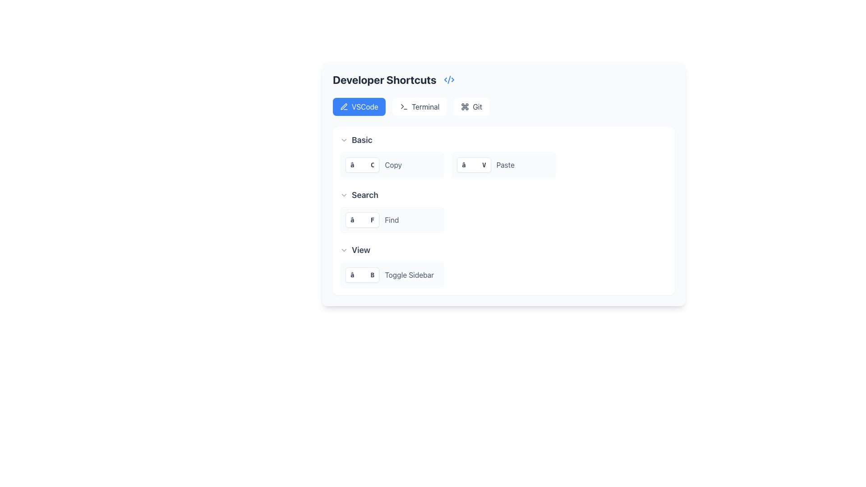 This screenshot has width=866, height=487. I want to click on the interactive button components in the 'Basic' section, so click(503, 156).